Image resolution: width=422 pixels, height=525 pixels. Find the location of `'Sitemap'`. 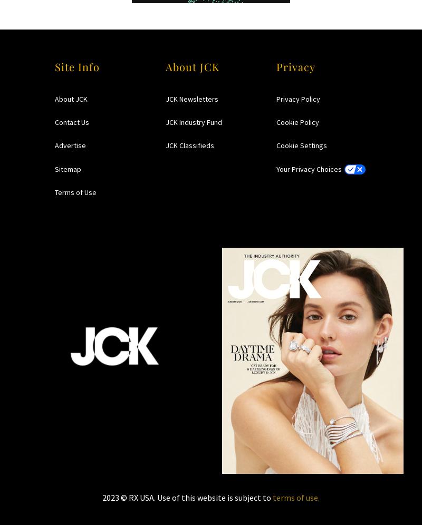

'Sitemap' is located at coordinates (68, 168).